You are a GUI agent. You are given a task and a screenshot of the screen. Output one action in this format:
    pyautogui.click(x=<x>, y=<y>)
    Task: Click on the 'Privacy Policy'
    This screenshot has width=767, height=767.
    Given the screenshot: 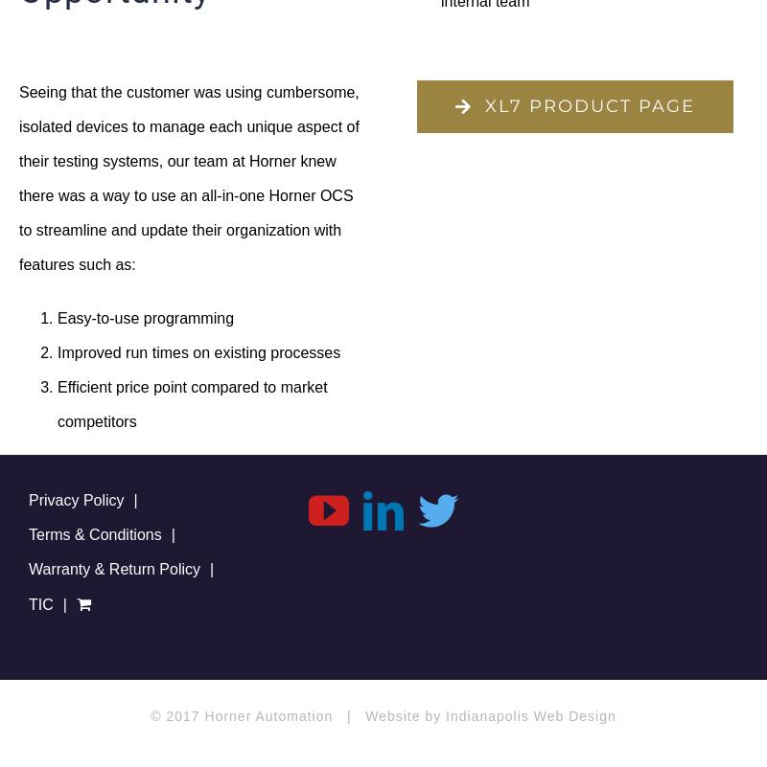 What is the action you would take?
    pyautogui.click(x=76, y=499)
    